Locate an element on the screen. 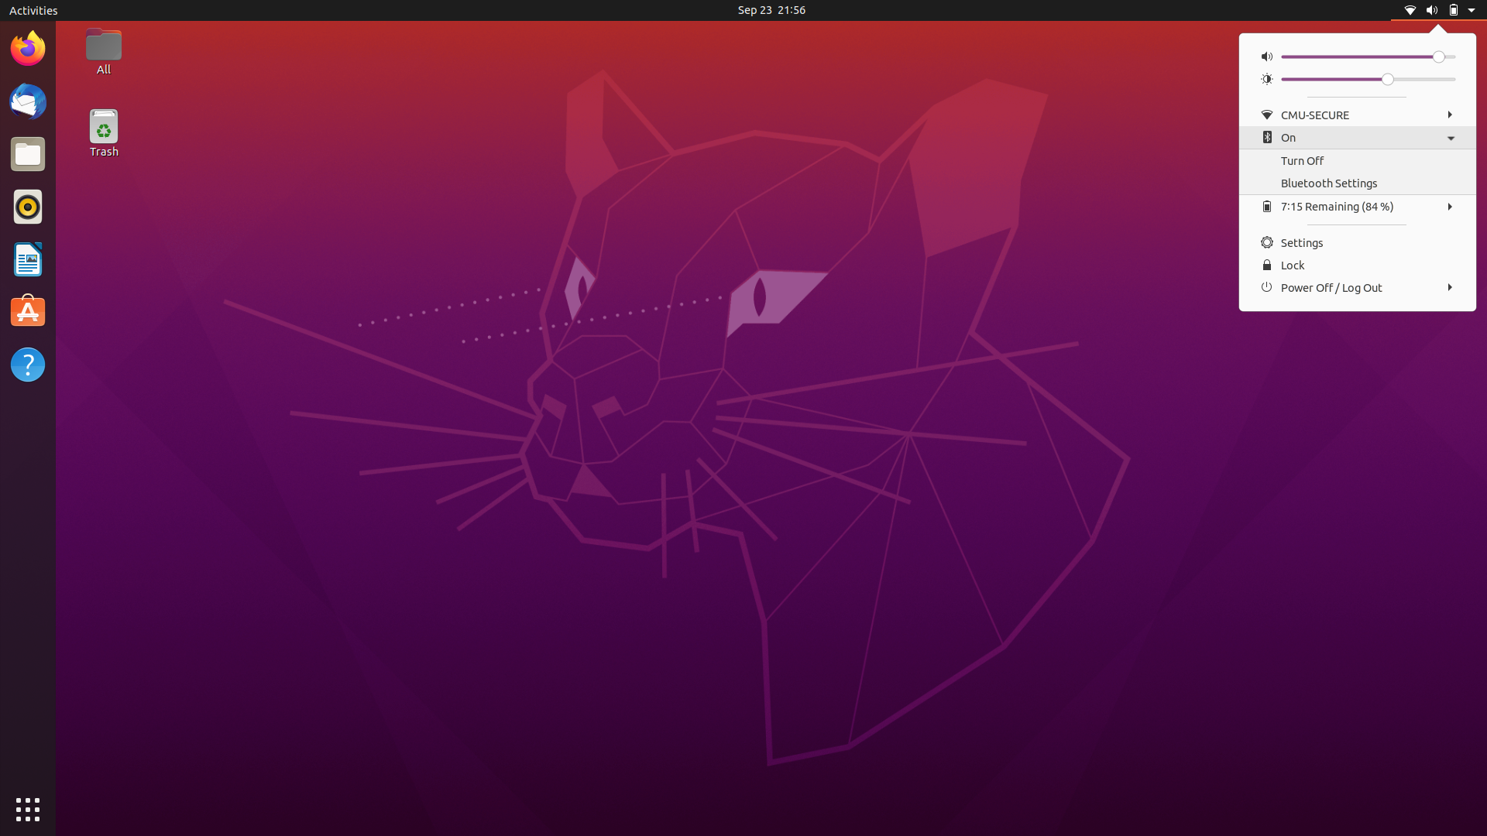  Dim Screen Brightness is located at coordinates (1287, 78).